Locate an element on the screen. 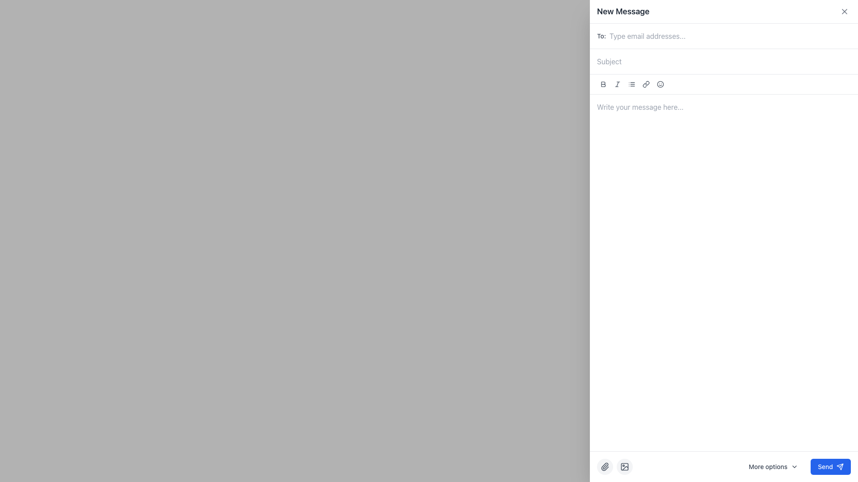 The width and height of the screenshot is (858, 482). the circular button with a smiley face icon located on the right side of the toolbar is located at coordinates (660, 84).